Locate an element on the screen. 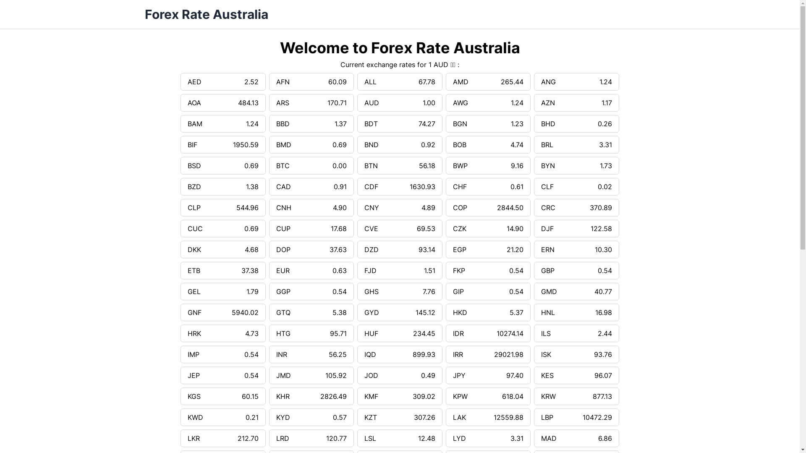  'Forex Rate Australia' is located at coordinates (206, 14).